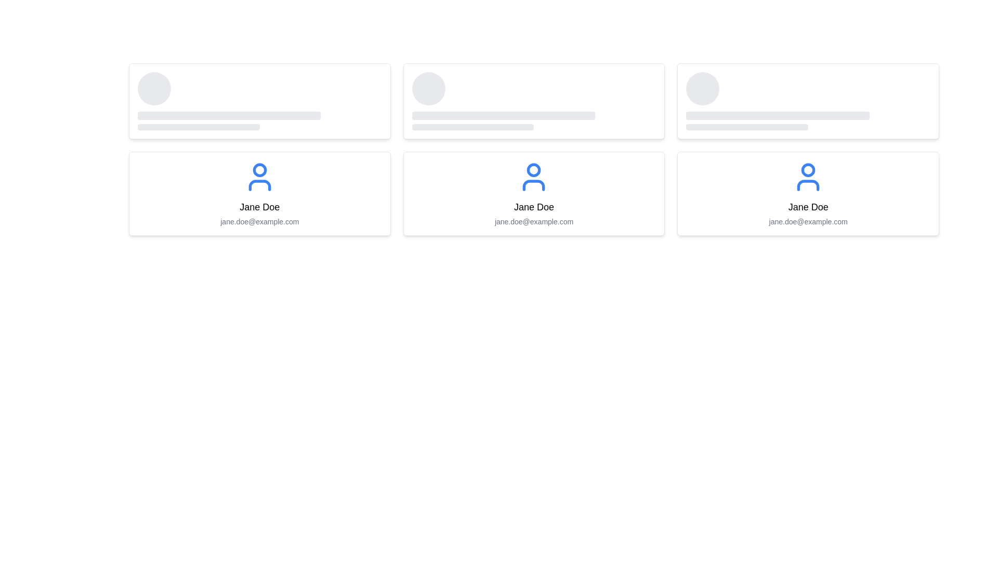 The width and height of the screenshot is (998, 561). Describe the element at coordinates (808, 169) in the screenshot. I see `the circular head area of the 'user' icon located in the third card of the second row` at that location.